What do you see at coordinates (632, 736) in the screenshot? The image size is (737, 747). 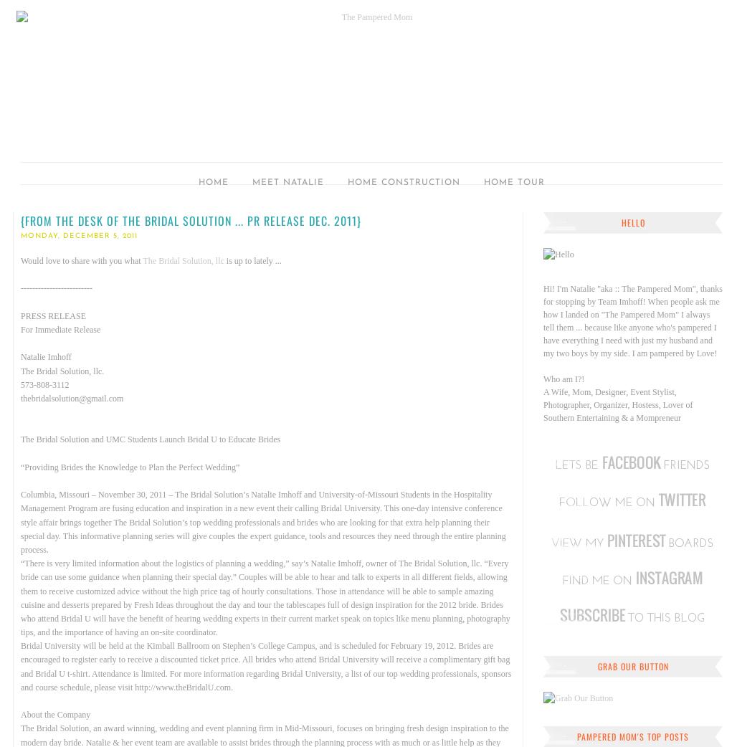 I see `'Pampered Mom's Top Posts'` at bounding box center [632, 736].